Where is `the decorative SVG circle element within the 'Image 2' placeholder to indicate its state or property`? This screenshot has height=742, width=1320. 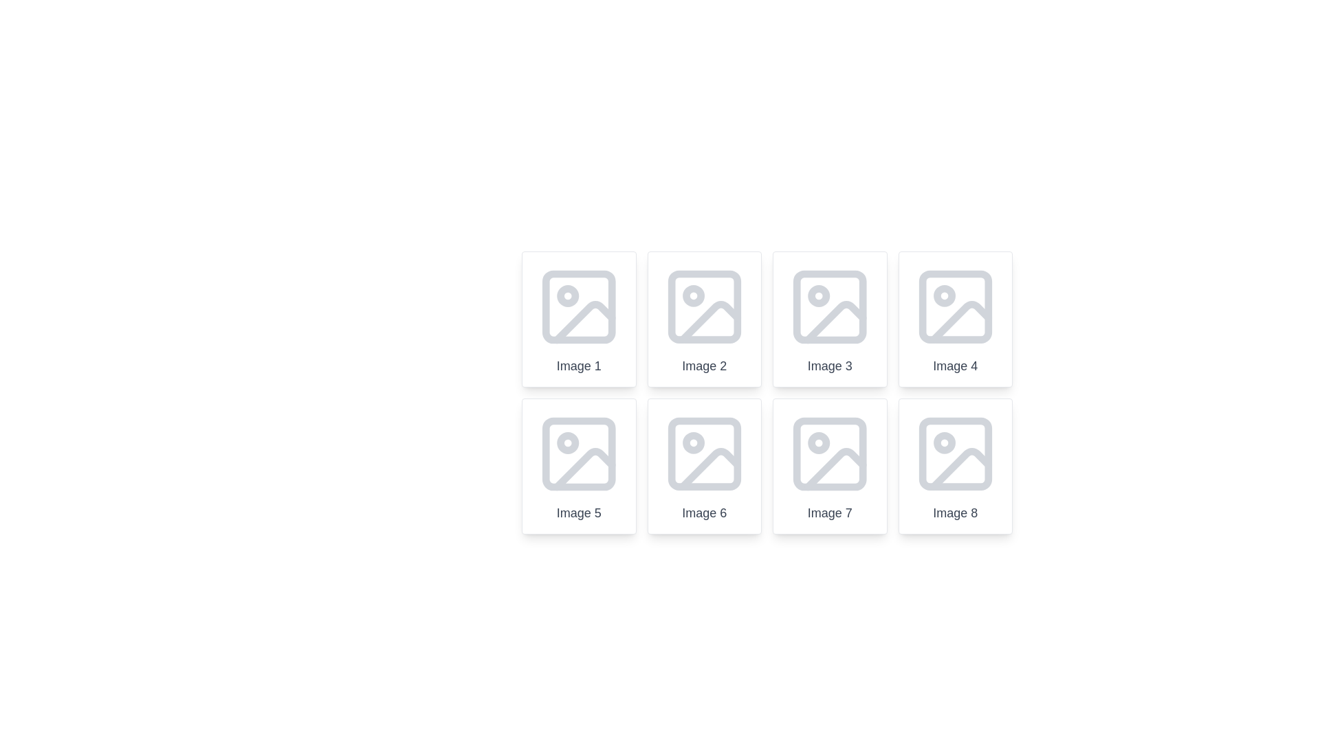
the decorative SVG circle element within the 'Image 2' placeholder to indicate its state or property is located at coordinates (693, 295).